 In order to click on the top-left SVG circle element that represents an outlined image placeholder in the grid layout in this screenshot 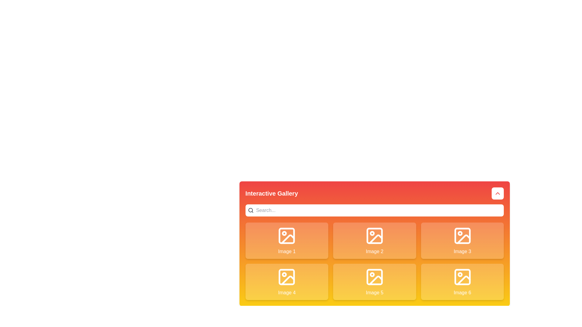, I will do `click(284, 233)`.